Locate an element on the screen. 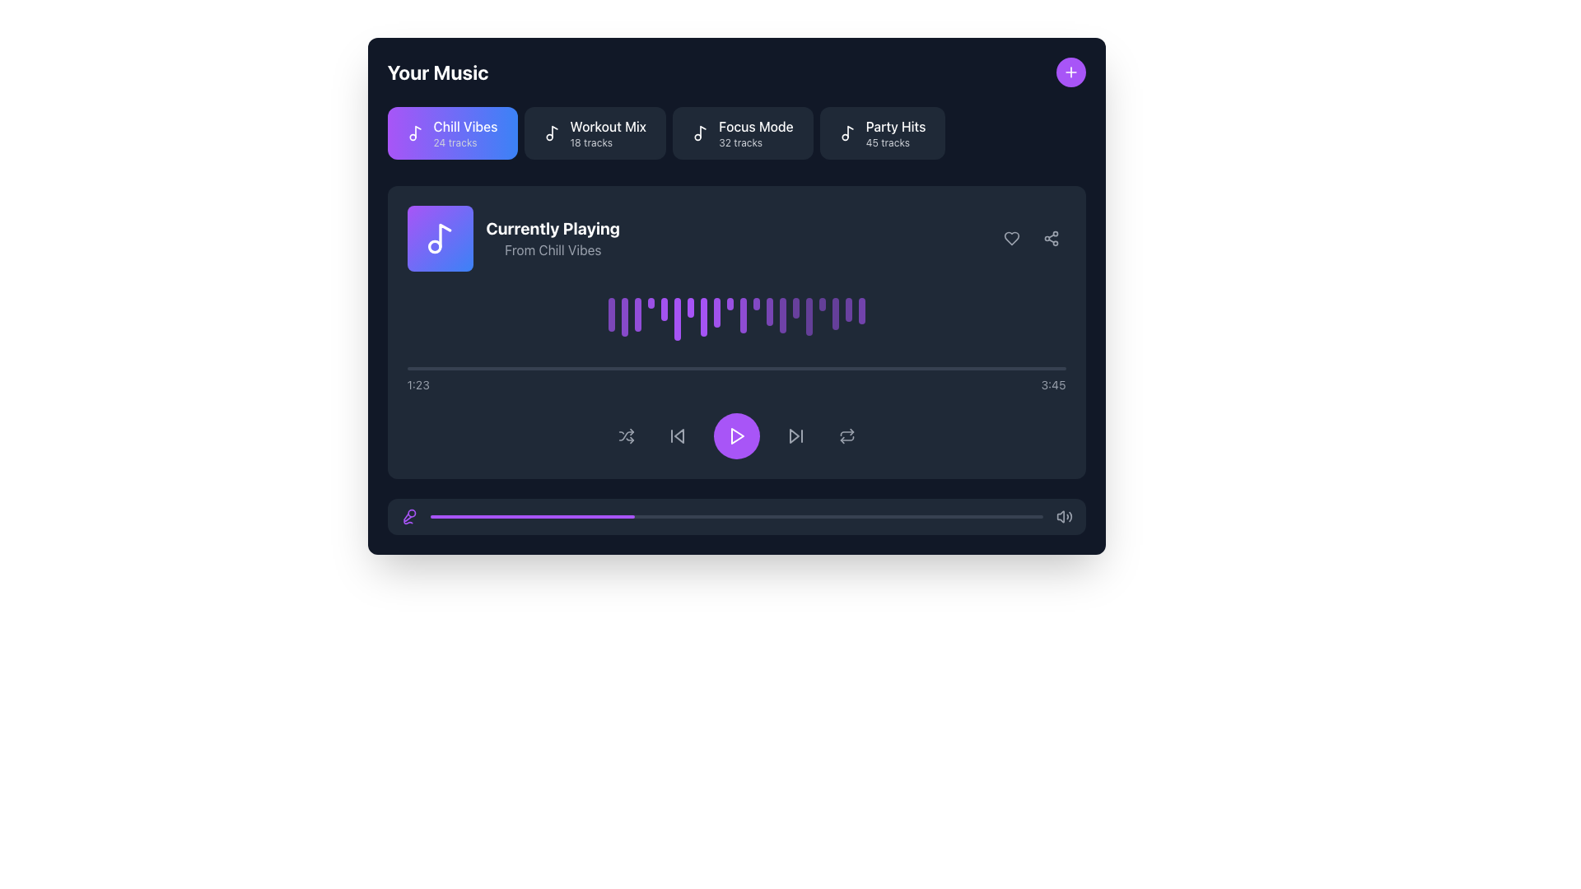  the 'Focus Mode' text label, which is styled with a white font on a dark background and is part of a horizontal list located below the 'Your Music' heading is located at coordinates (755, 126).